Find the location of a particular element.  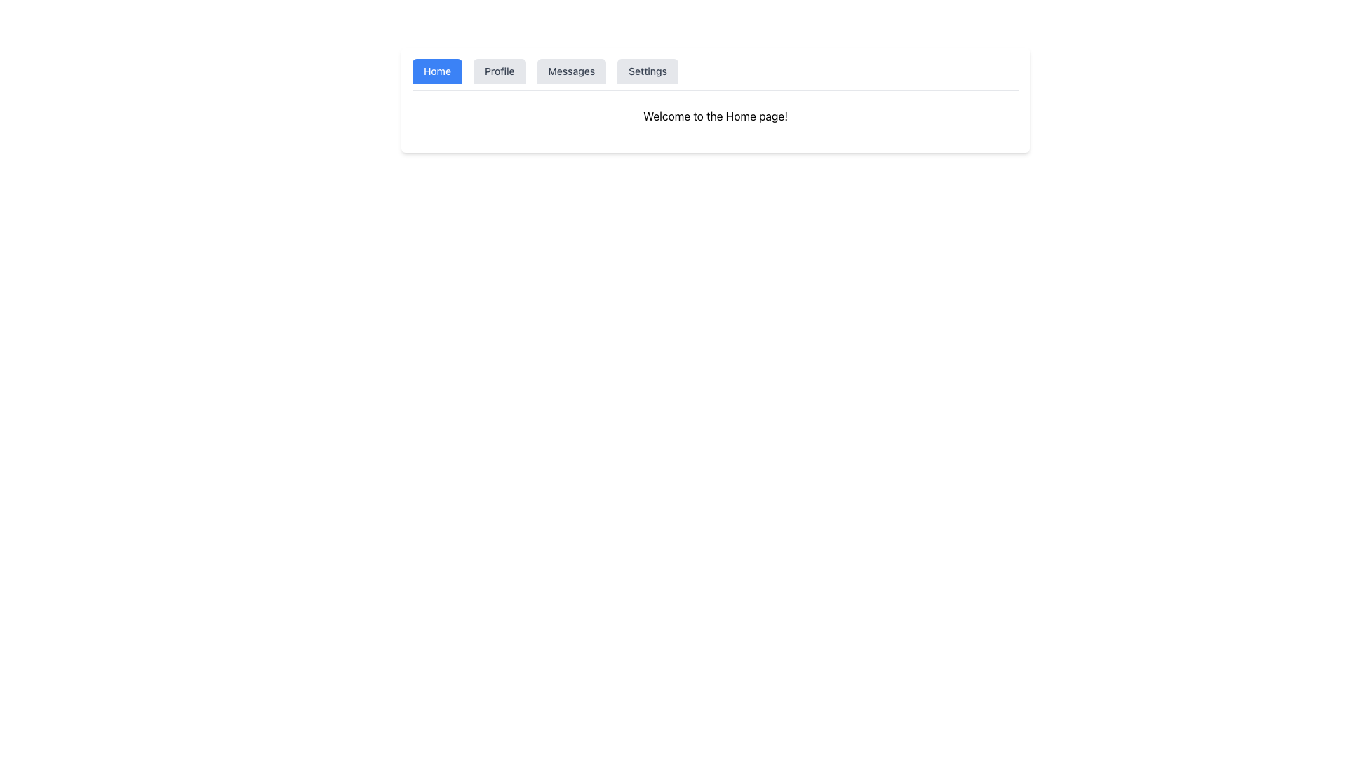

the text element that reads 'Welcome to the Home page!', which is centrally positioned below the navigation tabs is located at coordinates (715, 115).